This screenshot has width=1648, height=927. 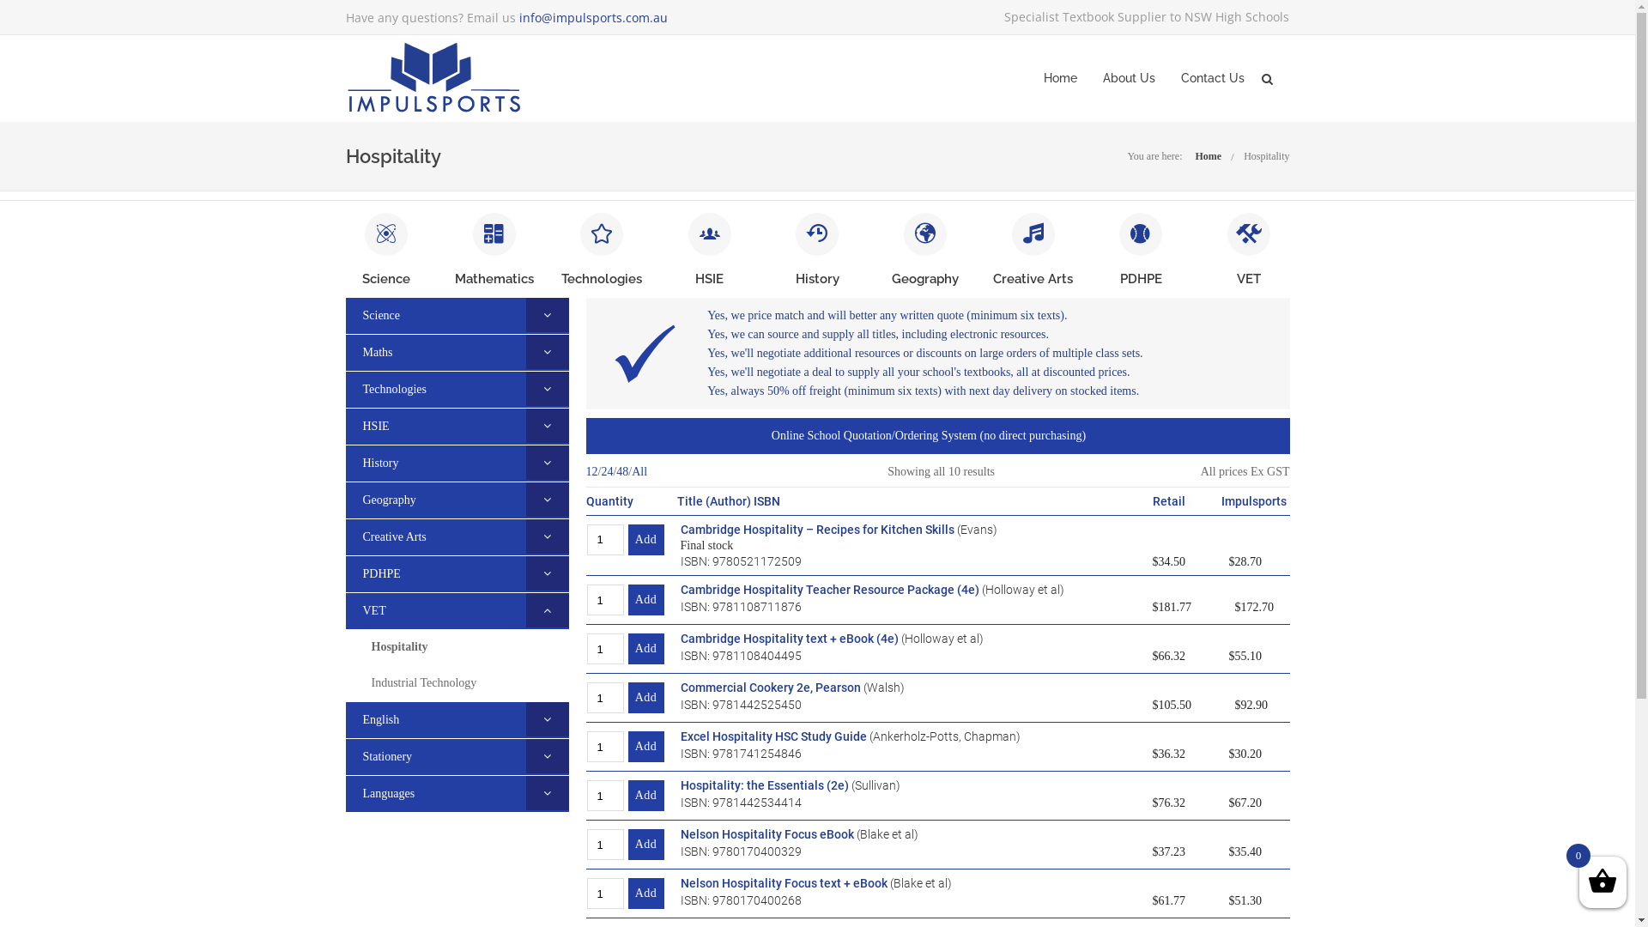 What do you see at coordinates (1194, 155) in the screenshot?
I see `'Home'` at bounding box center [1194, 155].